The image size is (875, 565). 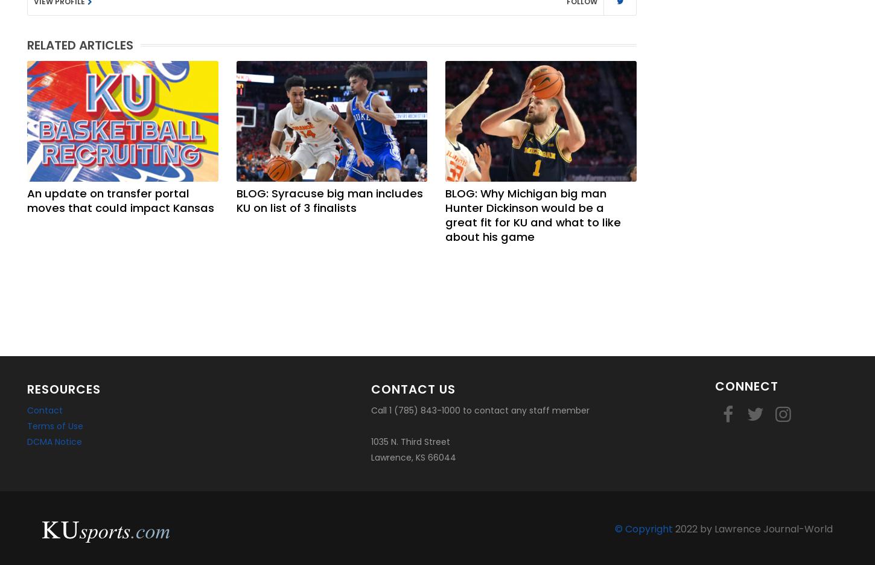 I want to click on 'Call 1 (785) 843-1000 to contact any staff member', so click(x=480, y=410).